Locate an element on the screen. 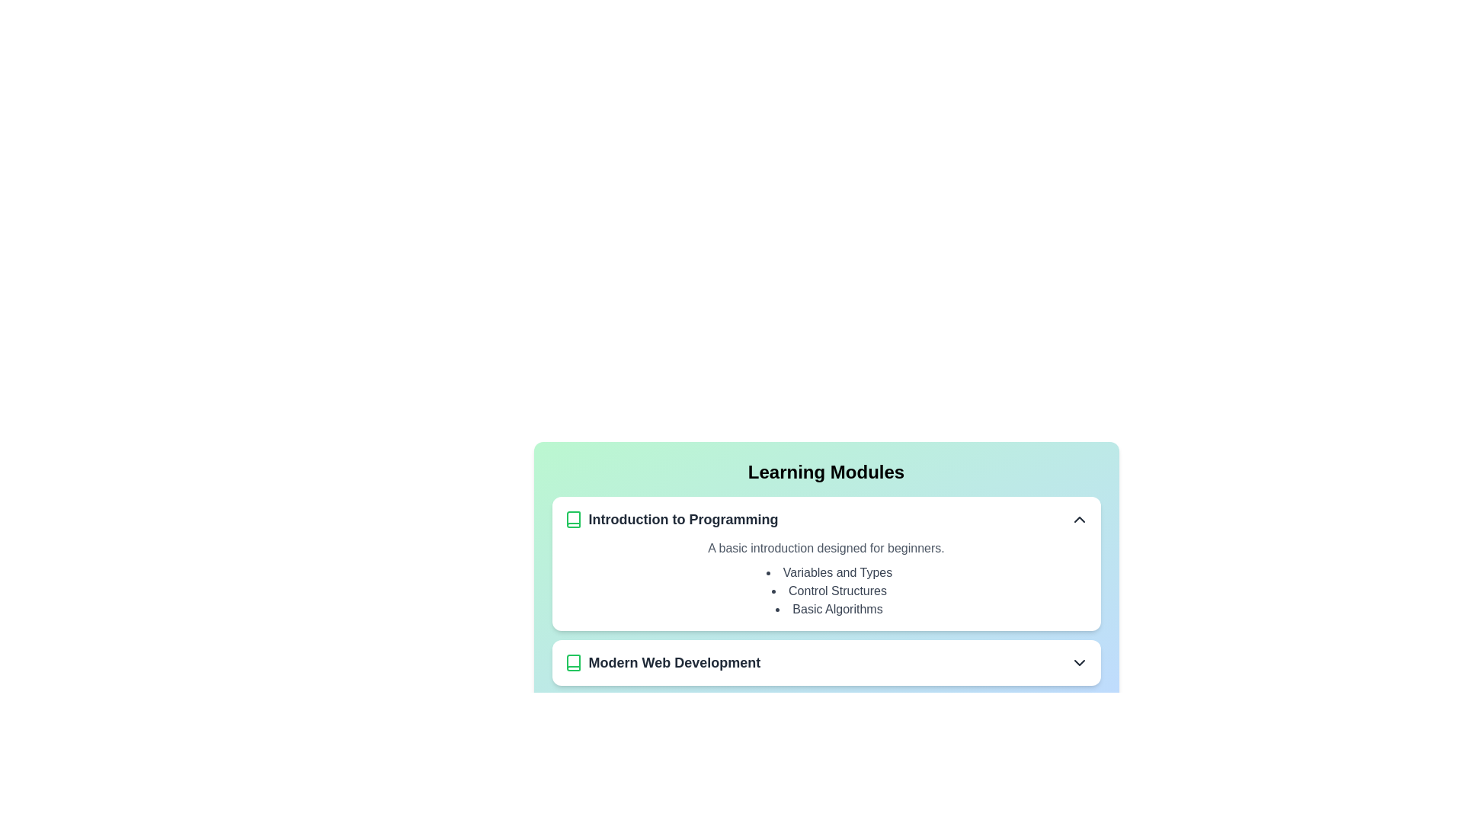 The width and height of the screenshot is (1463, 823). the icon representing the 'Introduction to Programming' module located in the 'Learning Modules' section, positioned to the left of the corresponding text is located at coordinates (572, 519).